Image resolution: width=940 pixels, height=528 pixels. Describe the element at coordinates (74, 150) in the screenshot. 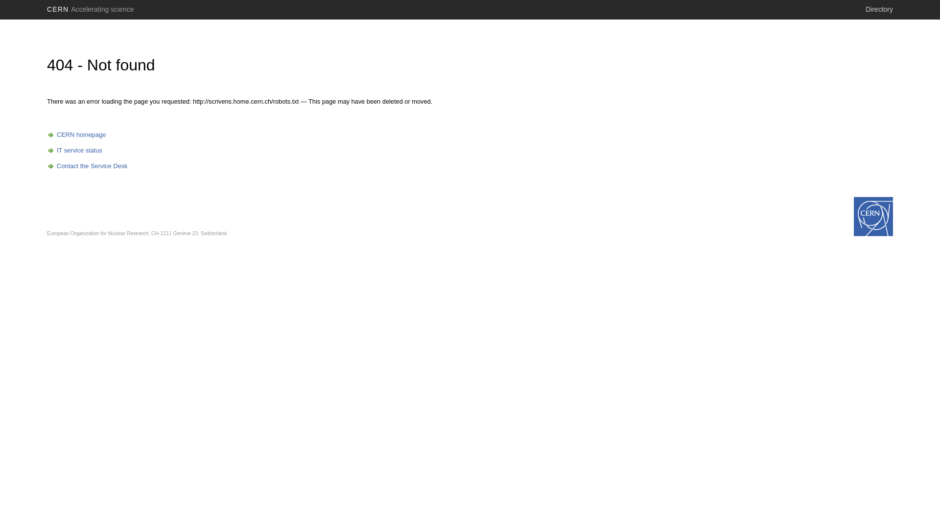

I see `'IT service status'` at that location.